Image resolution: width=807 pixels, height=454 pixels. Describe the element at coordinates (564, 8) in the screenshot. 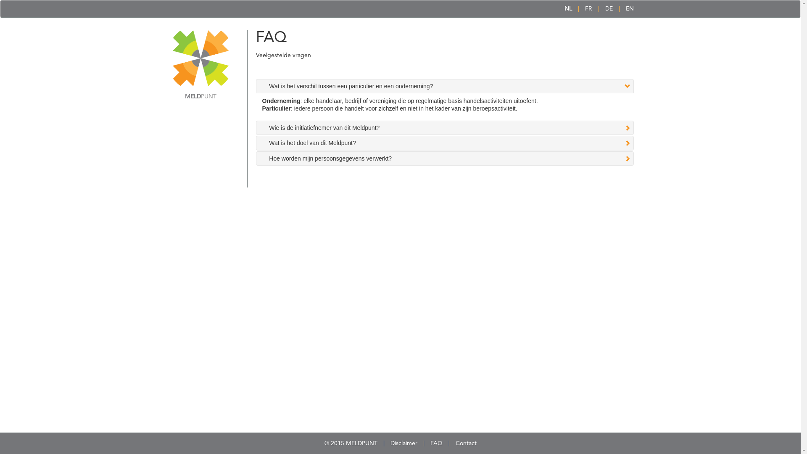

I see `'NL'` at that location.